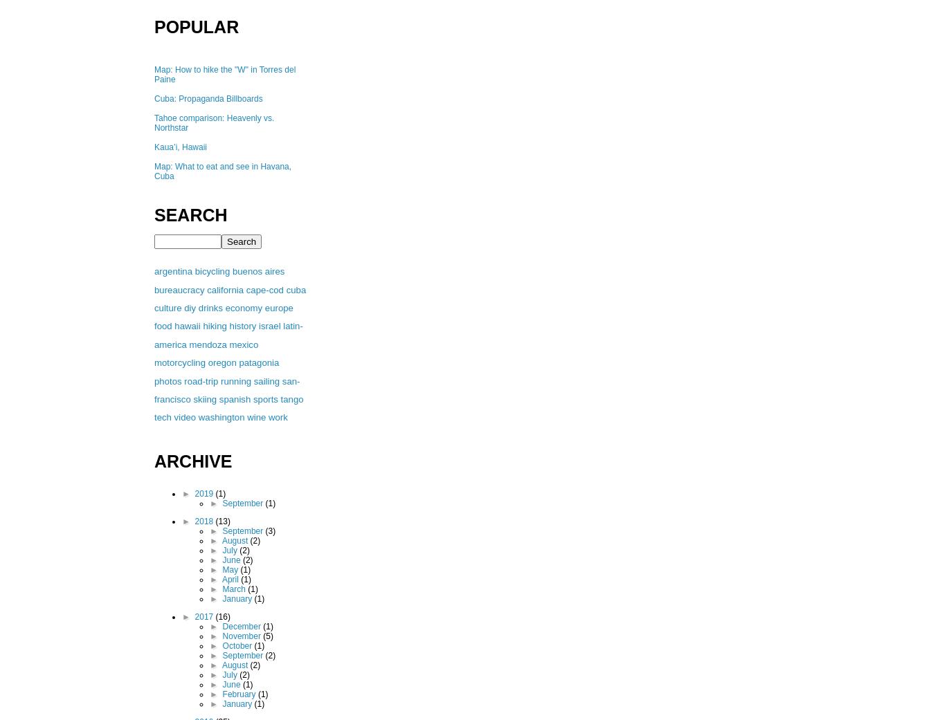 Image resolution: width=951 pixels, height=720 pixels. What do you see at coordinates (224, 307) in the screenshot?
I see `'economy'` at bounding box center [224, 307].